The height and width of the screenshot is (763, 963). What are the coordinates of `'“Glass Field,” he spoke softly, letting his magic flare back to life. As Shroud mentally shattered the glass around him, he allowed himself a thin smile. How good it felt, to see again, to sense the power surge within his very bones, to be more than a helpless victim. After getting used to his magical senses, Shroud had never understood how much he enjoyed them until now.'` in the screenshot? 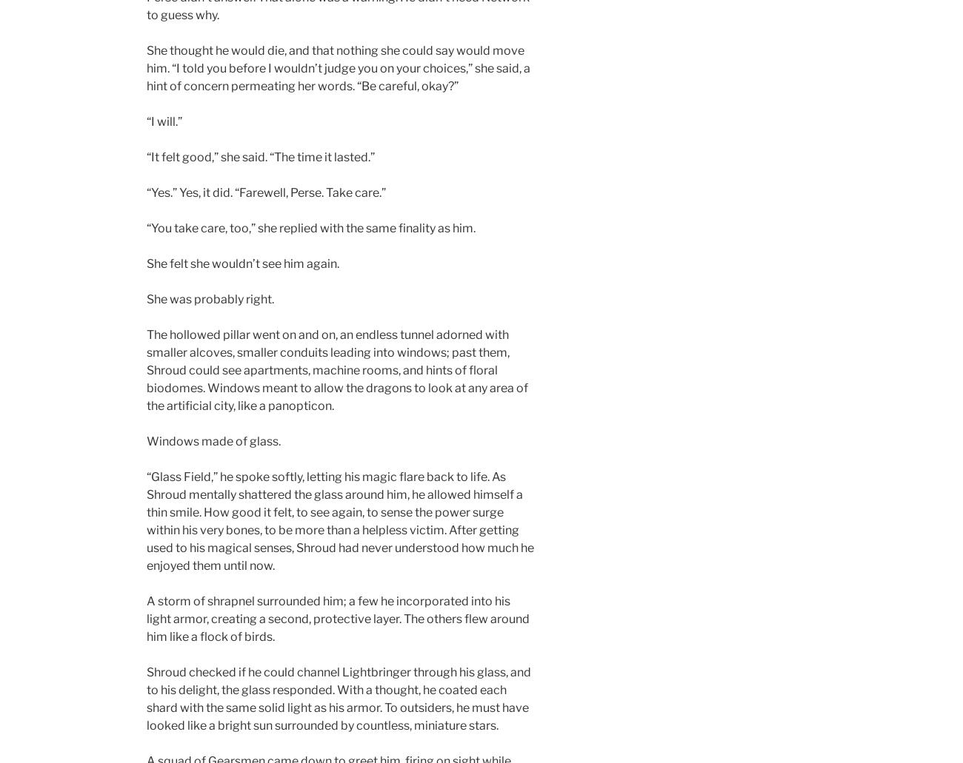 It's located at (146, 521).